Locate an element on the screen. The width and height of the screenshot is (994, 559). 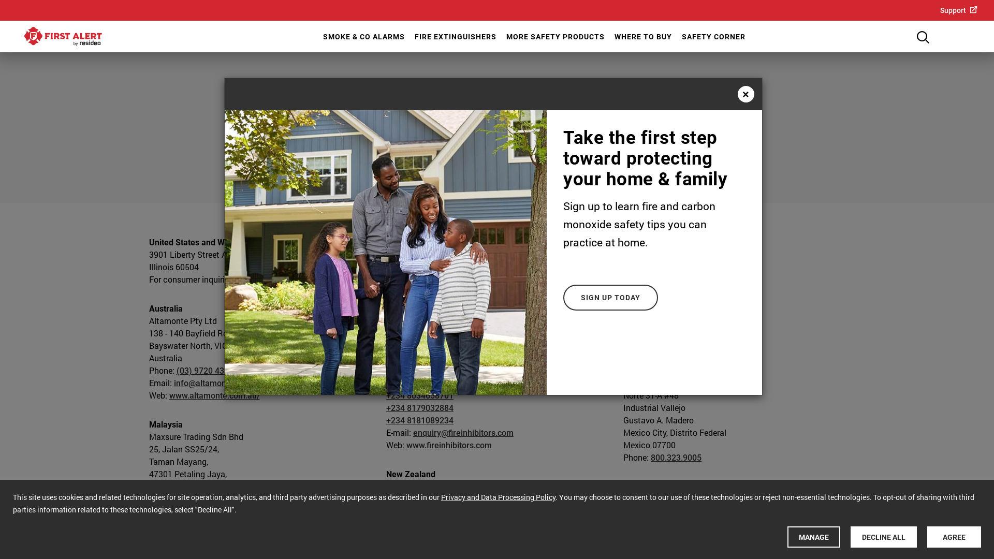
'Search Button' is located at coordinates (923, 37).